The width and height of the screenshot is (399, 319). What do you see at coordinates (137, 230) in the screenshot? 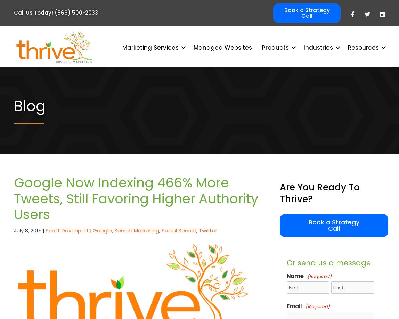
I see `'Search Marketing'` at bounding box center [137, 230].